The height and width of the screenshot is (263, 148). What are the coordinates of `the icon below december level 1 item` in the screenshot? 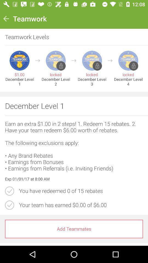 It's located at (74, 116).